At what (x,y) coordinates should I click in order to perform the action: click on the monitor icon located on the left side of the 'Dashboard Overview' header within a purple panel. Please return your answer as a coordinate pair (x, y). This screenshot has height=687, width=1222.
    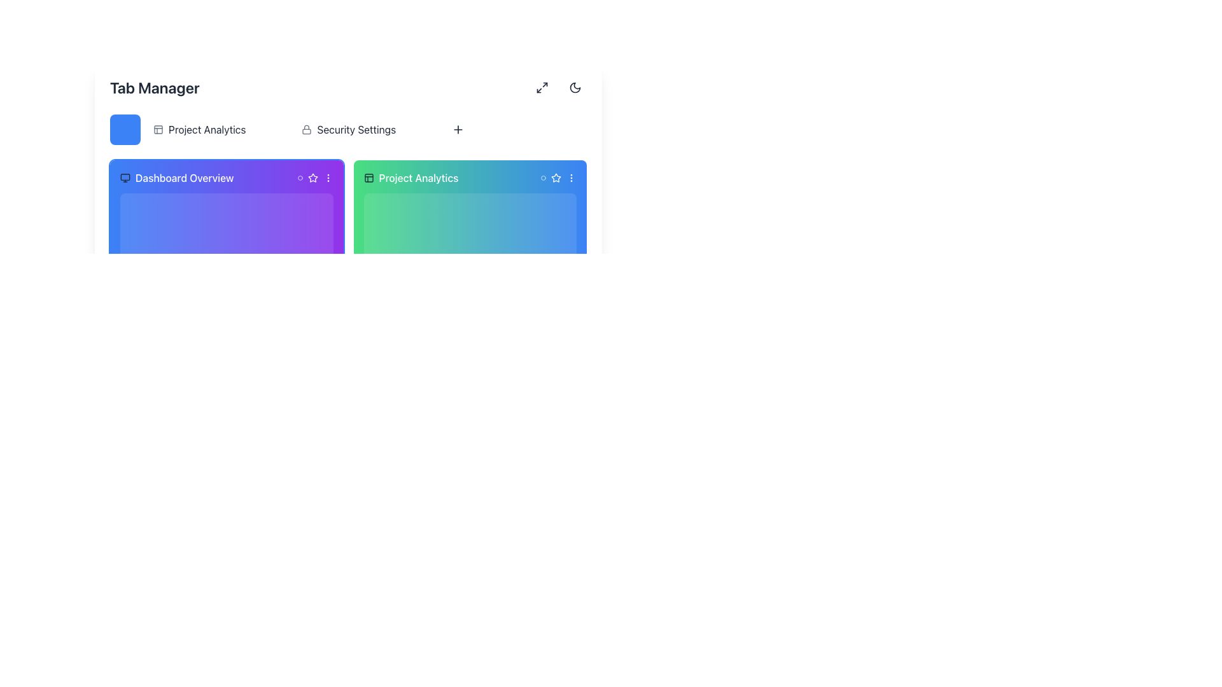
    Looking at the image, I should click on (125, 178).